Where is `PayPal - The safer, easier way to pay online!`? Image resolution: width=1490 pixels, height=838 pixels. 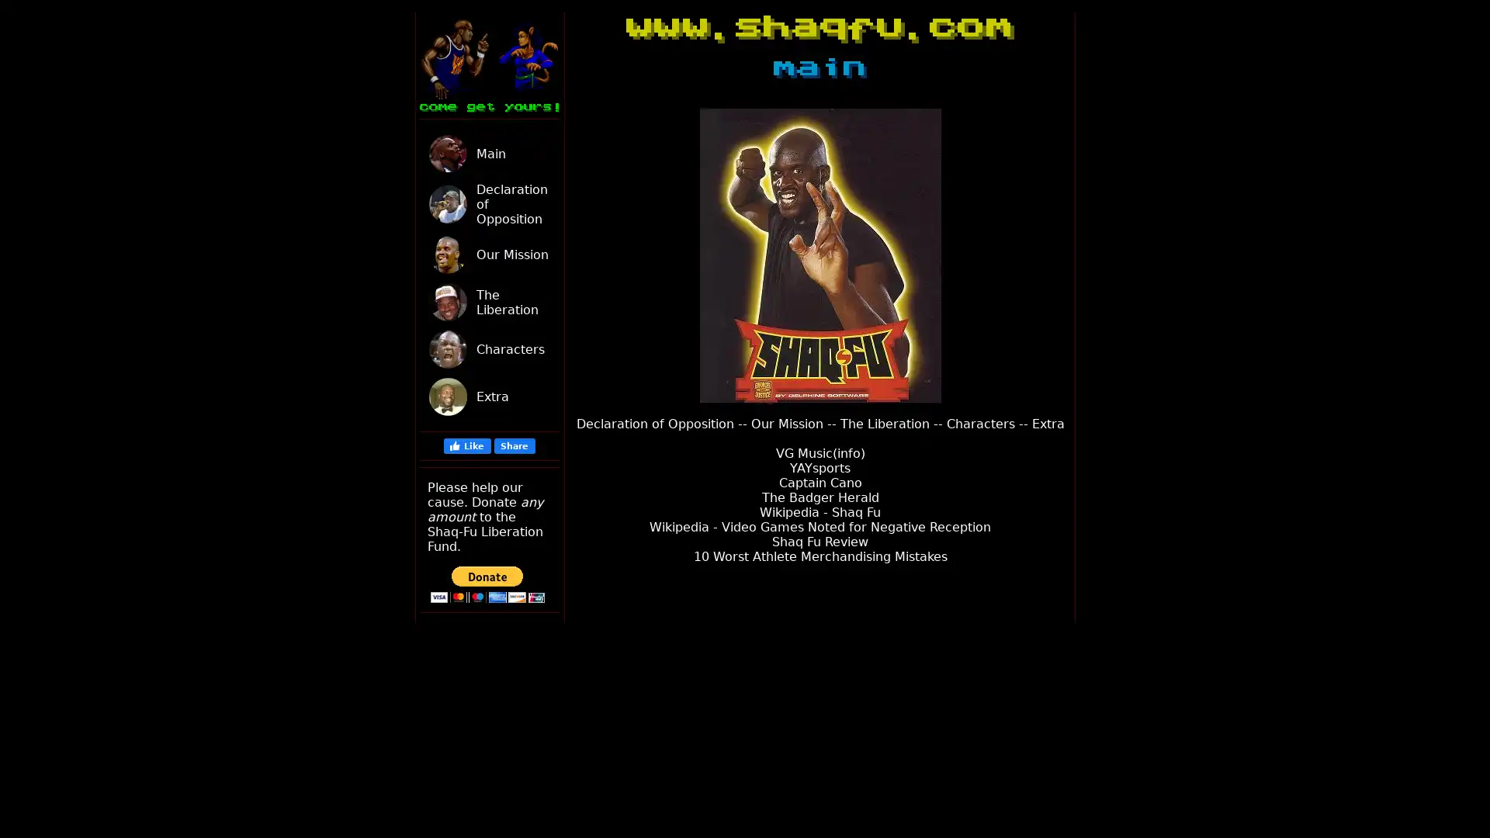 PayPal - The safer, easier way to pay online! is located at coordinates (486, 584).